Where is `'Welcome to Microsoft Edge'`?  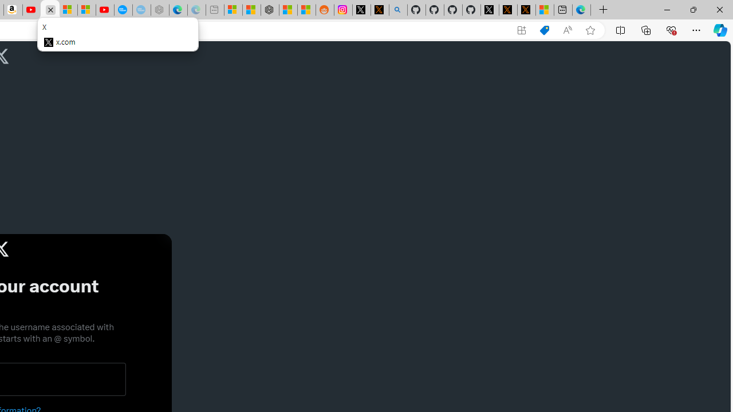
'Welcome to Microsoft Edge' is located at coordinates (581, 10).